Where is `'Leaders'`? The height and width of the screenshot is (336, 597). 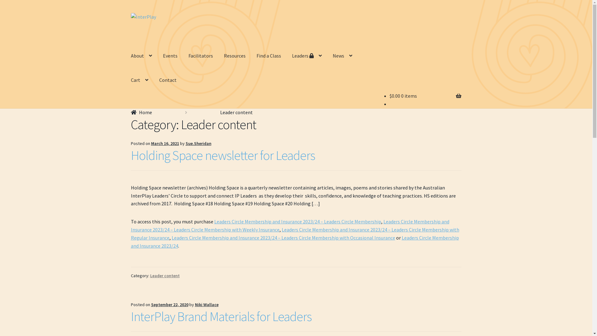 'Leaders' is located at coordinates (307, 56).